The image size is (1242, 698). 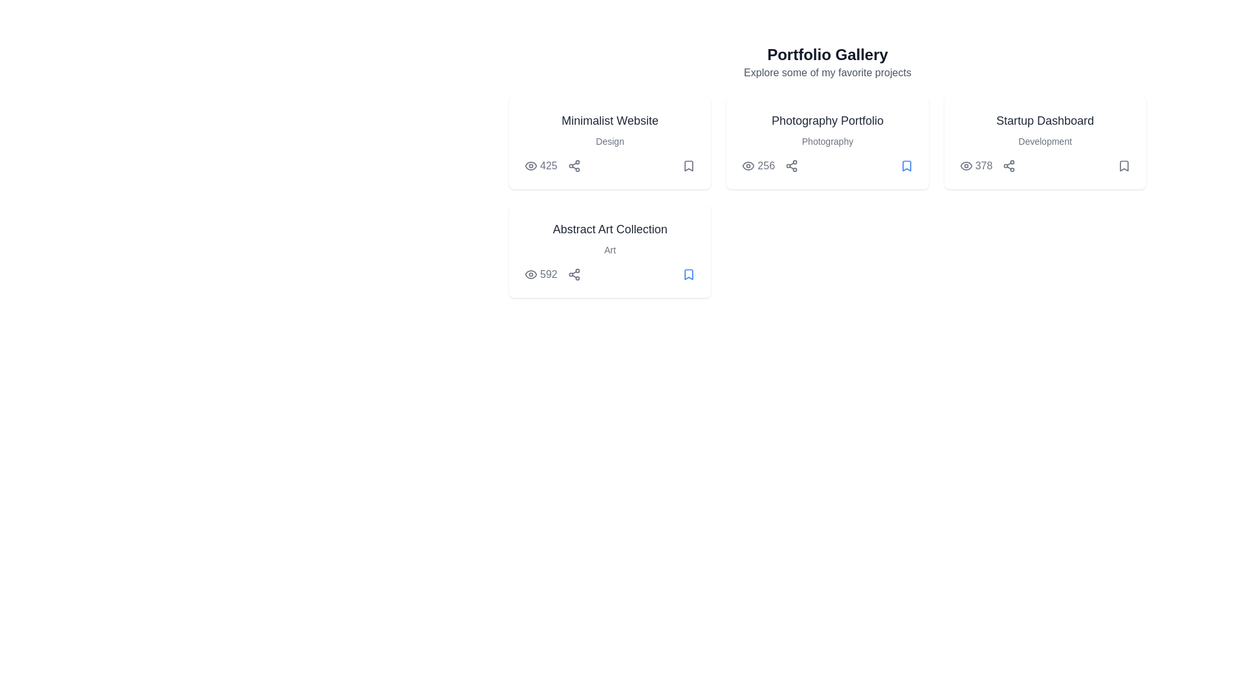 What do you see at coordinates (573, 273) in the screenshot?
I see `the share button located at the bottom-right corner of the 'Abstract Art Collection' card in the 'Portfolio Gallery' section to share the item` at bounding box center [573, 273].